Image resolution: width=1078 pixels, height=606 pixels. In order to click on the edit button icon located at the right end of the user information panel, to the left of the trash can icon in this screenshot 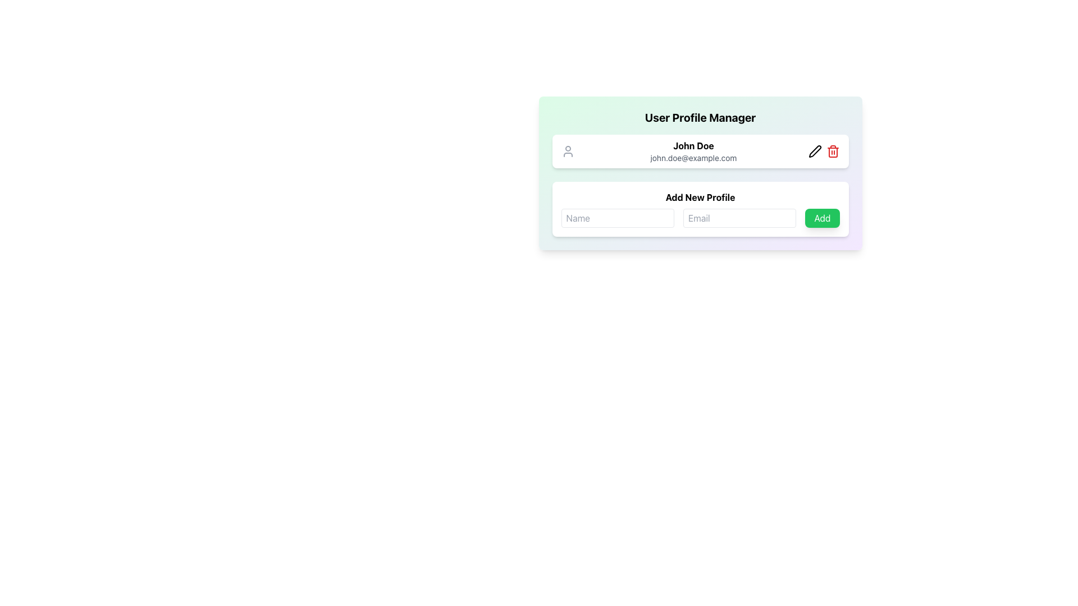, I will do `click(815, 151)`.